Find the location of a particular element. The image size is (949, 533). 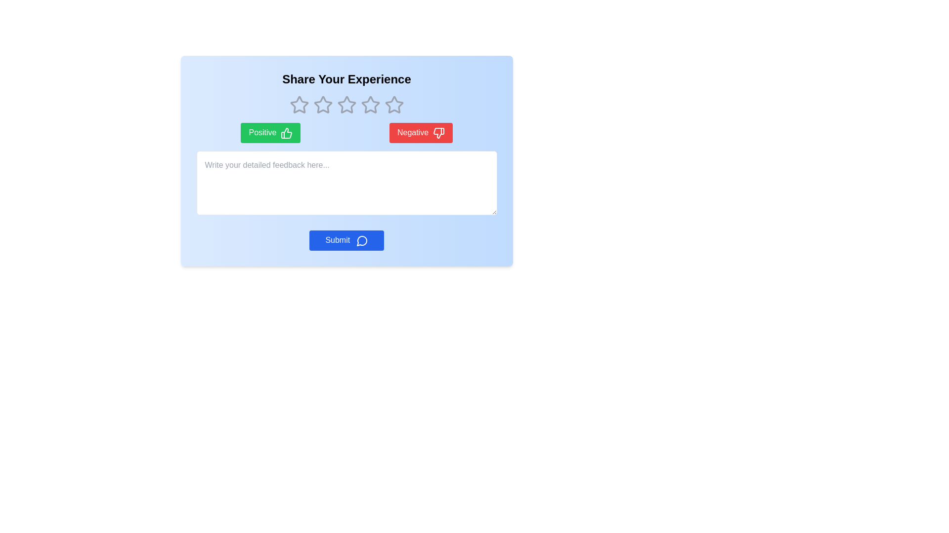

the fifth star icon in the rating section of the feedback form is located at coordinates (393, 105).